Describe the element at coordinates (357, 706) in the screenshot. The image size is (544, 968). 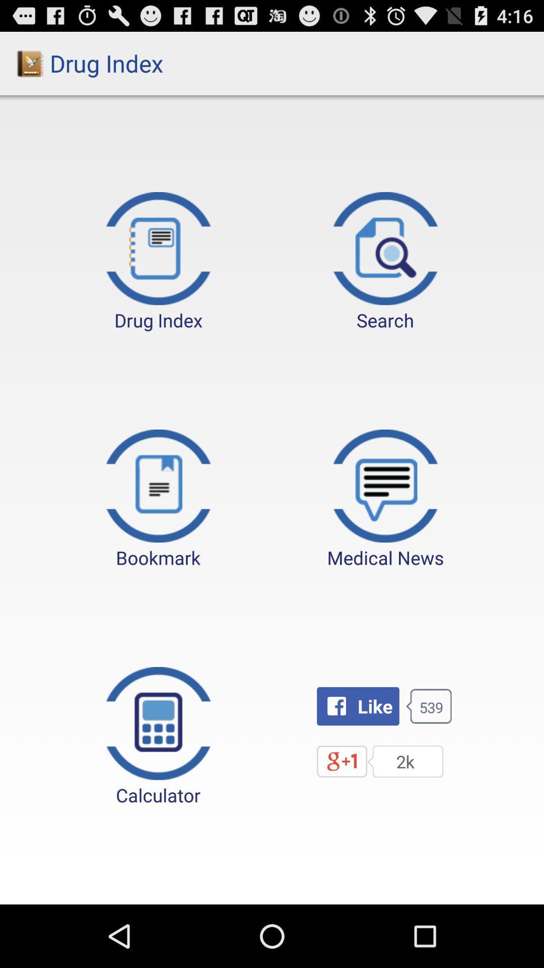
I see `the button next to calculator` at that location.